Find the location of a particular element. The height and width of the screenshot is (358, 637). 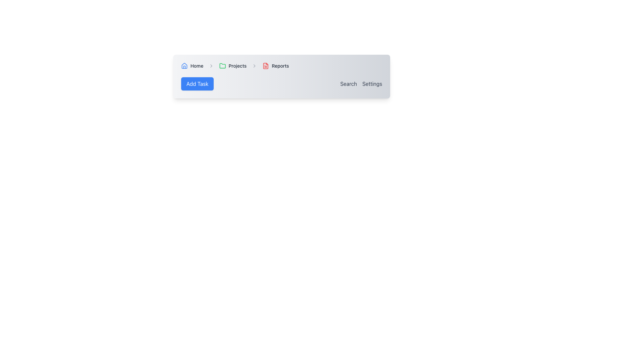

the 'Home' breadcrumb item, which is the first item in the breadcrumb navigation row is located at coordinates (192, 66).